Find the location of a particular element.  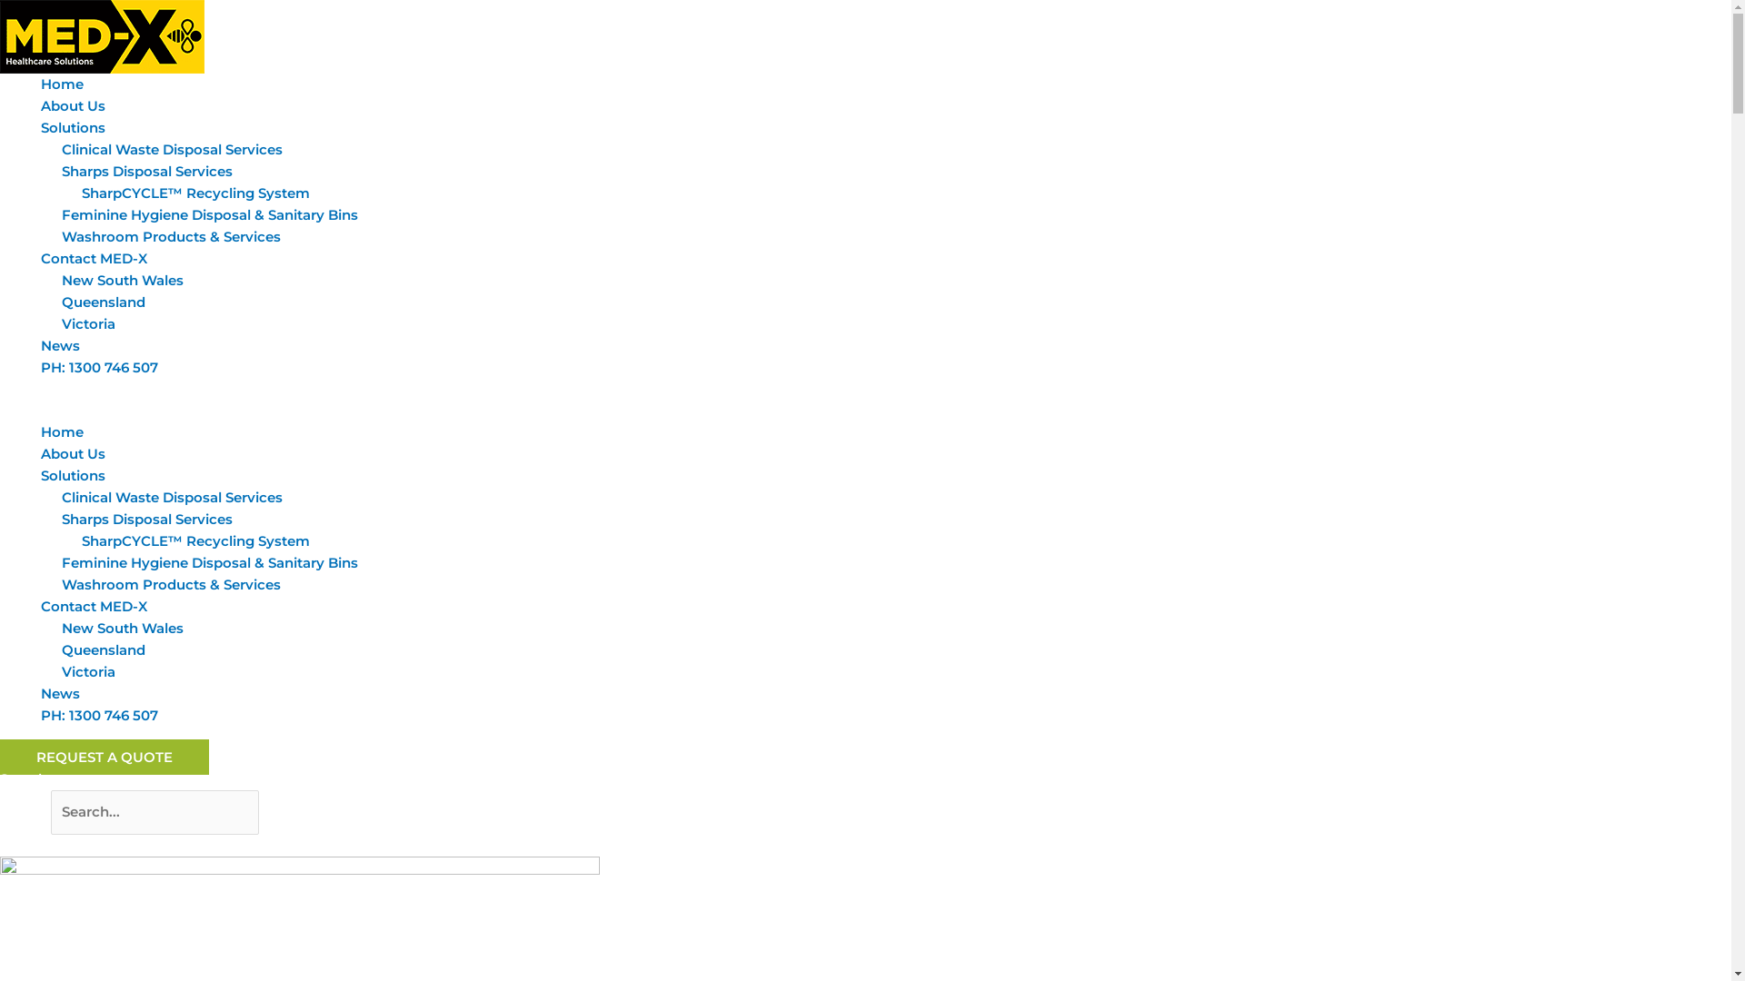

'About Us' is located at coordinates (73, 452).